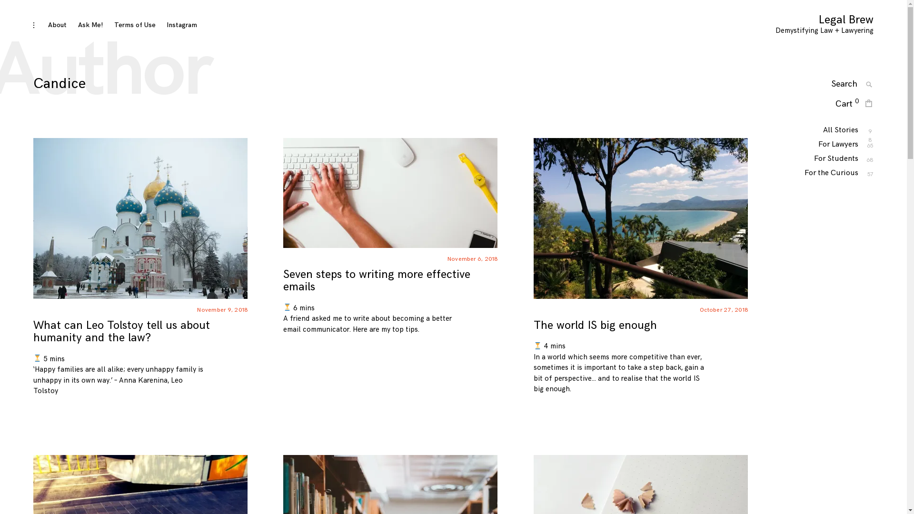 This screenshot has height=514, width=914. I want to click on 'Ask Me!', so click(90, 24).